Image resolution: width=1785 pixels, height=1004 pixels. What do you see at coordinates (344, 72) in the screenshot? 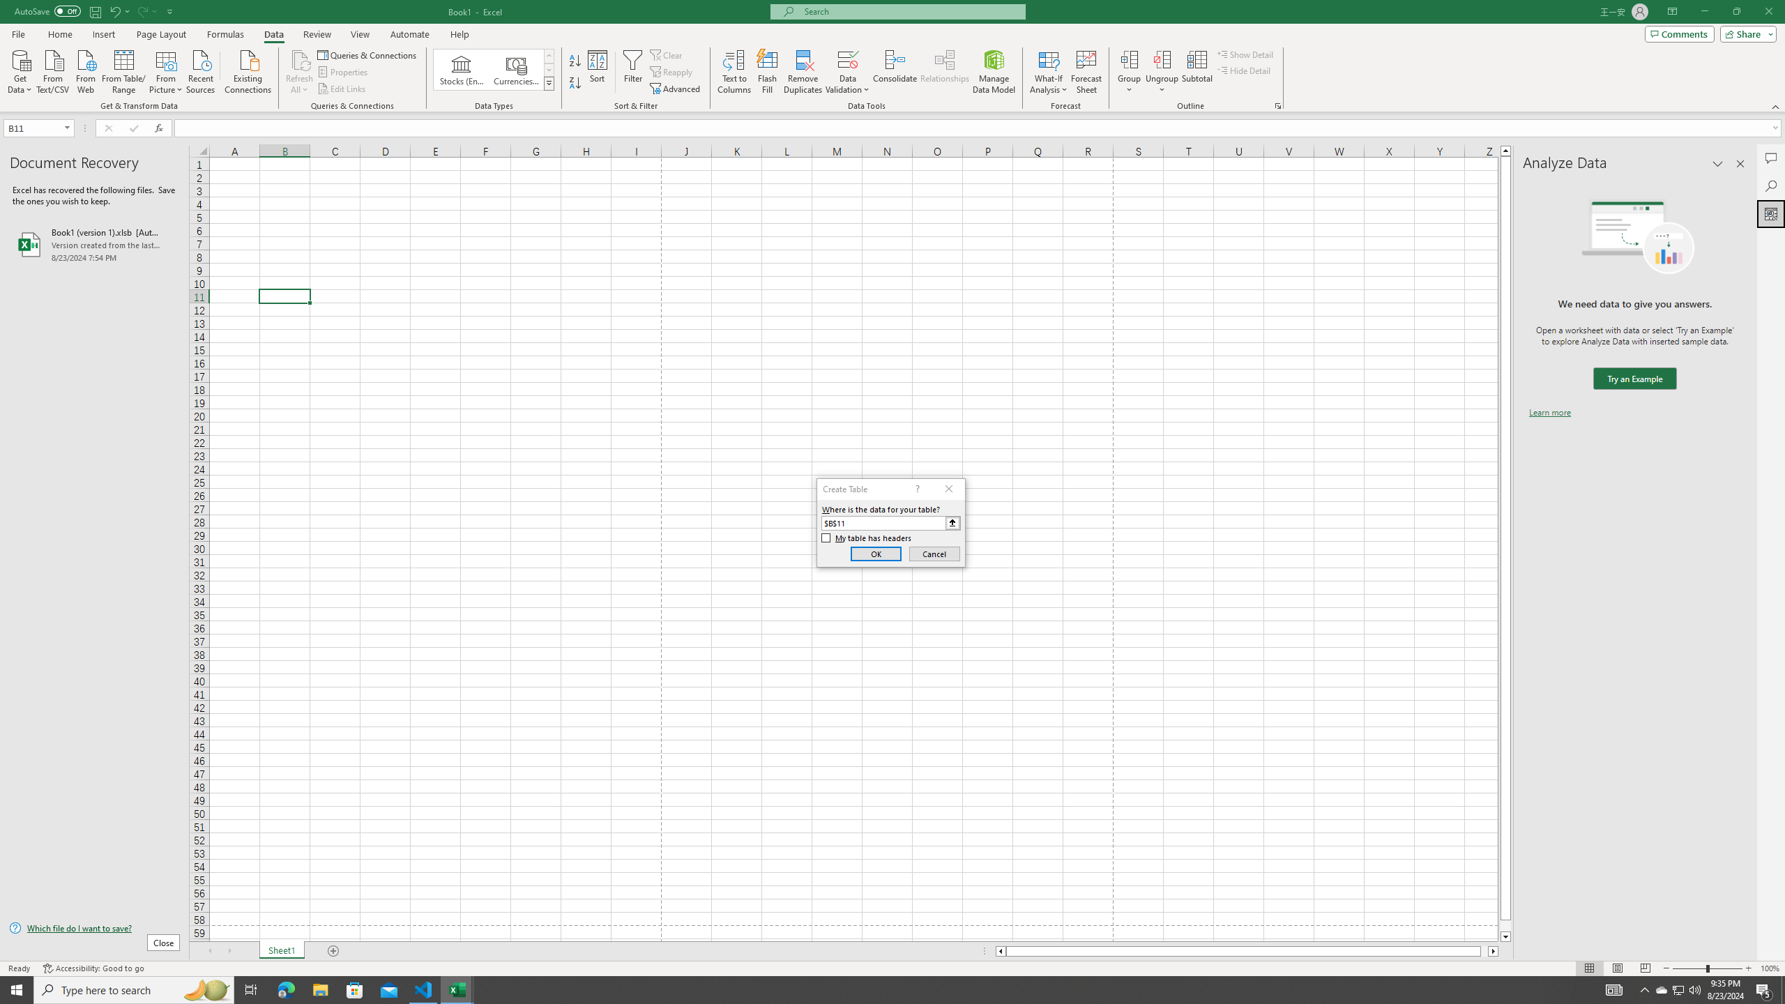
I see `'Properties'` at bounding box center [344, 72].